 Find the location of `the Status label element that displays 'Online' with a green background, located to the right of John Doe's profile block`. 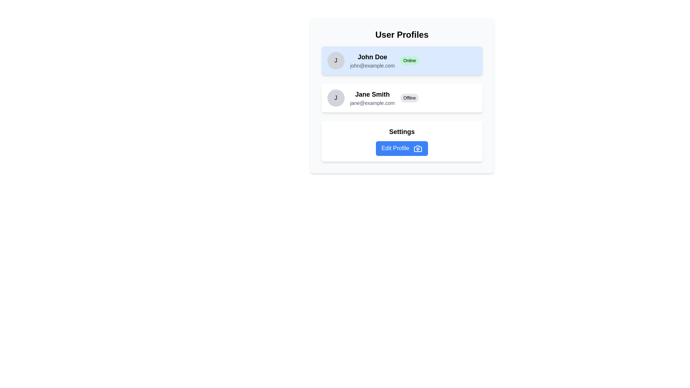

the Status label element that displays 'Online' with a green background, located to the right of John Doe's profile block is located at coordinates (401, 60).